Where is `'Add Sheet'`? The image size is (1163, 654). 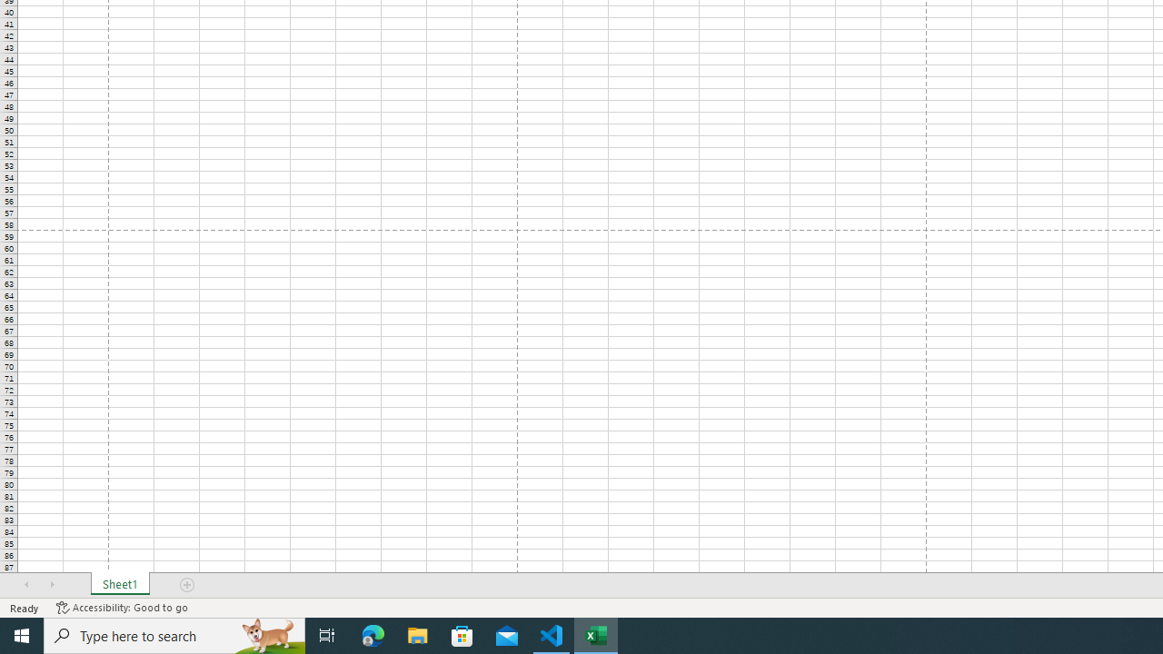
'Add Sheet' is located at coordinates (188, 585).